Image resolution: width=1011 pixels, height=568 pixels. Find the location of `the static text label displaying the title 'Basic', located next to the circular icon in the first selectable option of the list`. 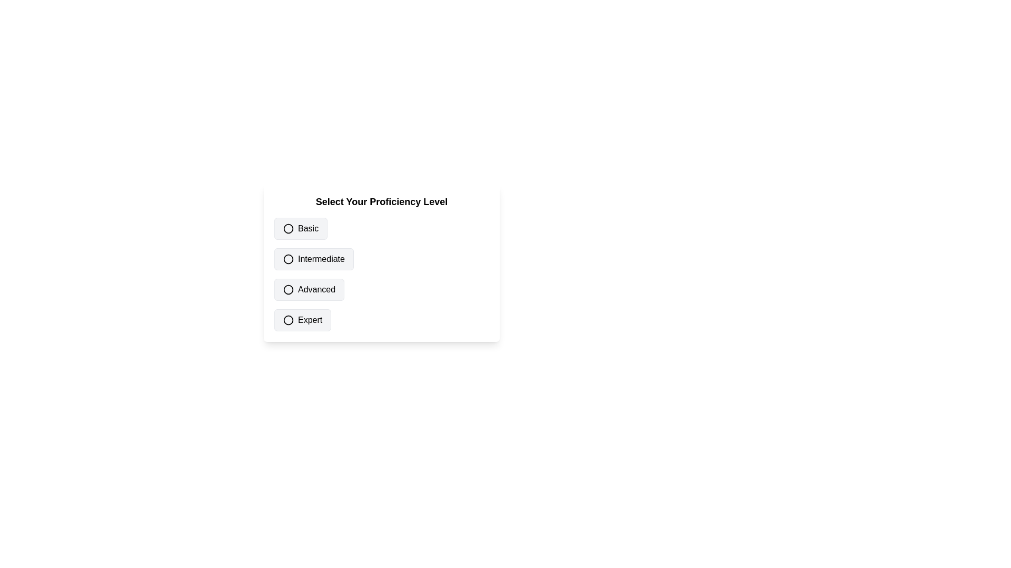

the static text label displaying the title 'Basic', located next to the circular icon in the first selectable option of the list is located at coordinates (308, 228).